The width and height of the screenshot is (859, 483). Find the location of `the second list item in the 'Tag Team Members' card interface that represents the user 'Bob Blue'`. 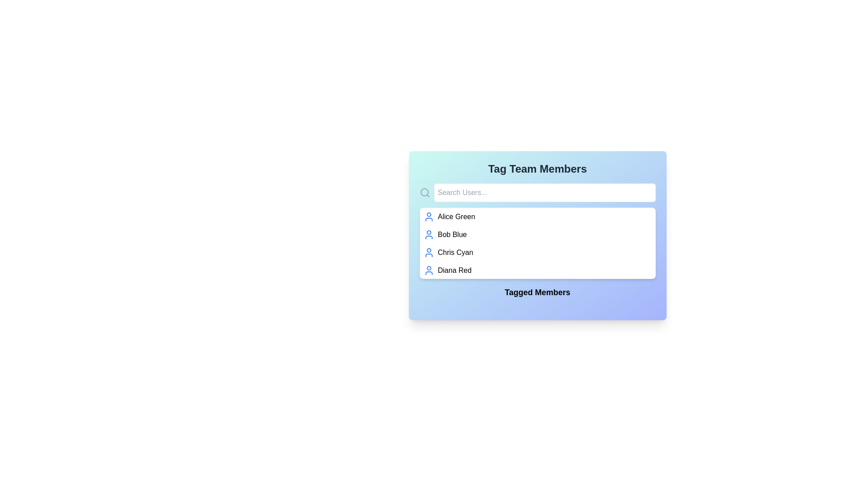

the second list item in the 'Tag Team Members' card interface that represents the user 'Bob Blue' is located at coordinates (537, 234).